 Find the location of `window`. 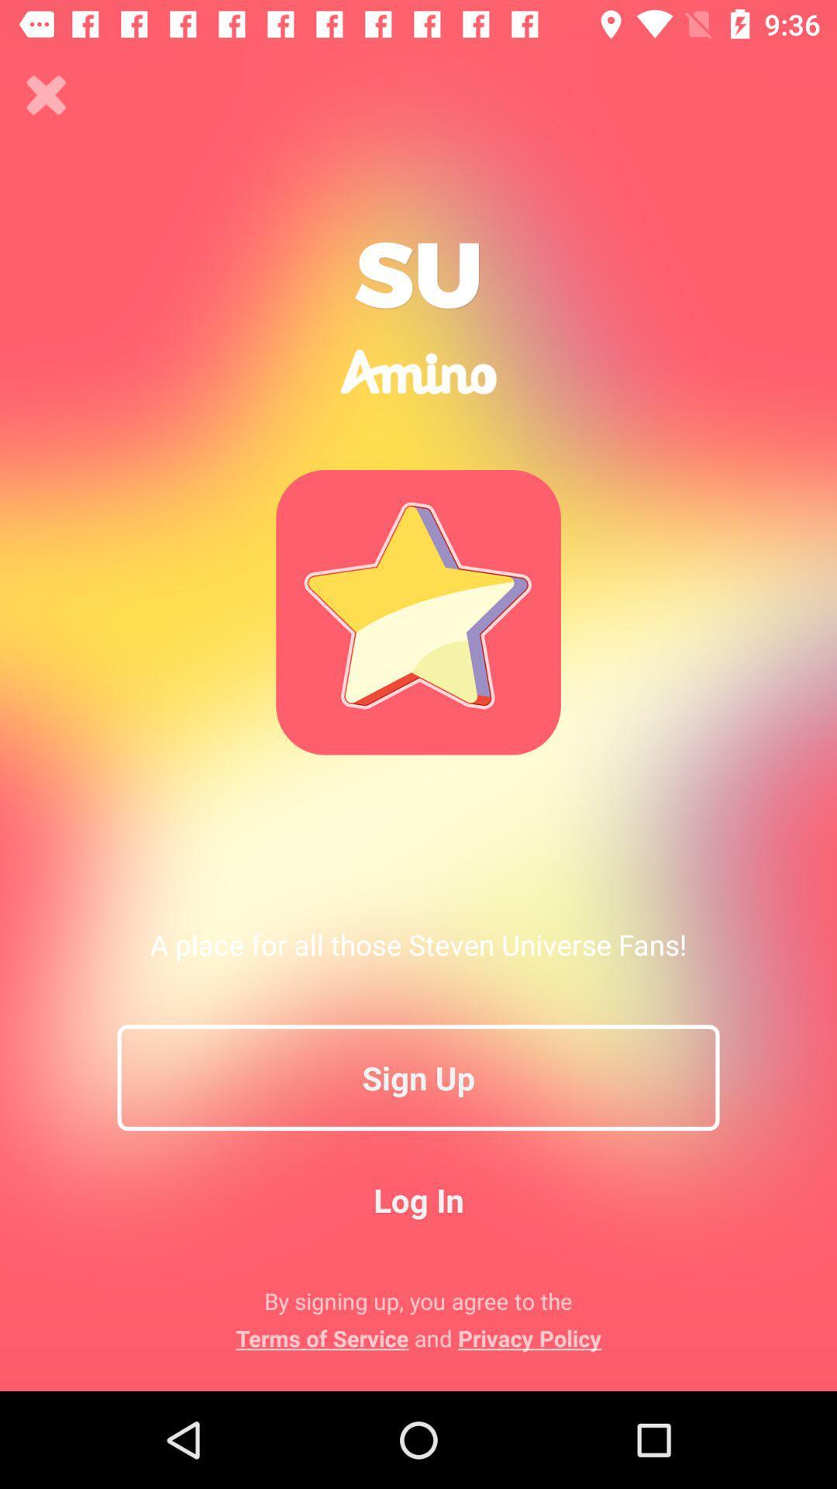

window is located at coordinates (46, 95).